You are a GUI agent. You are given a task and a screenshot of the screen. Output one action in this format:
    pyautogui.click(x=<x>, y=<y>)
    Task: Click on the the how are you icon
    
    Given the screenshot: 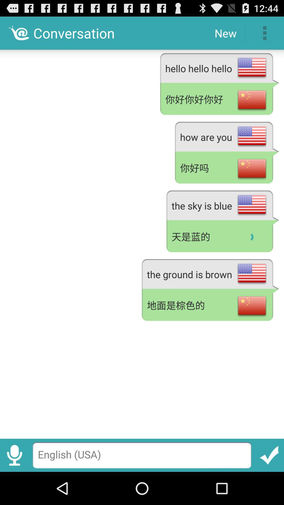 What is the action you would take?
    pyautogui.click(x=226, y=136)
    